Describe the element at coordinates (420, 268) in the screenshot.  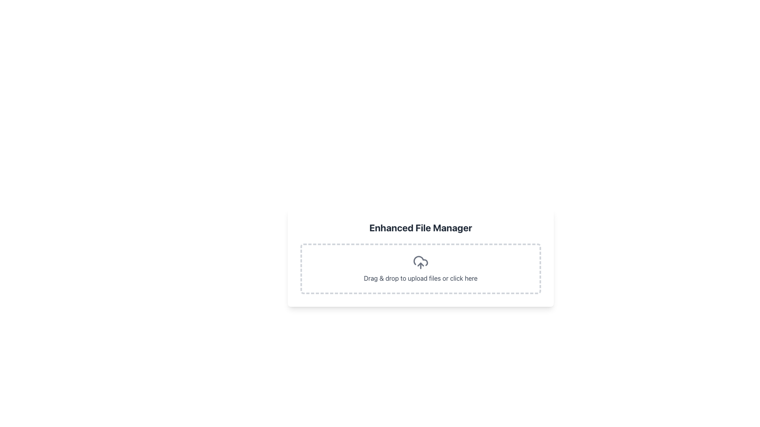
I see `the interactive file upload area located in the central part of the interface within the 'Enhanced File Manager' section` at that location.